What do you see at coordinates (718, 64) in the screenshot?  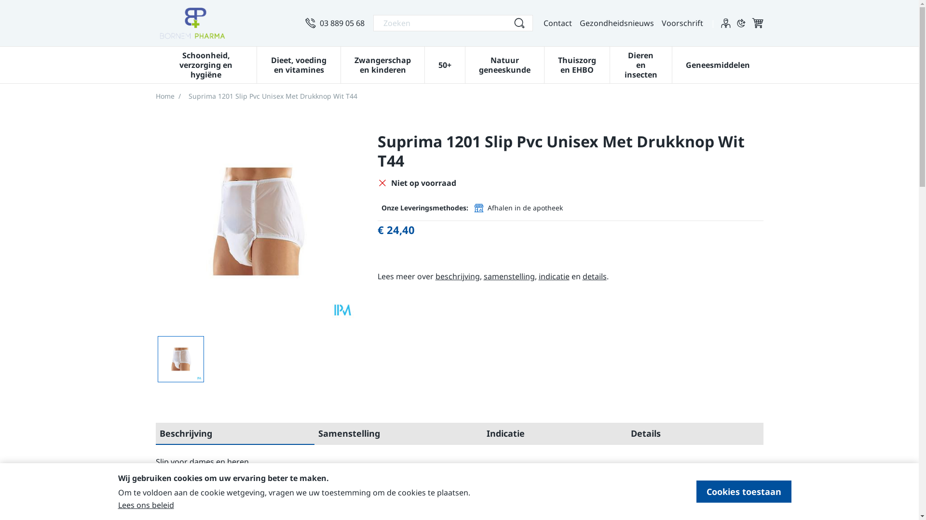 I see `'Geneesmiddelen'` at bounding box center [718, 64].